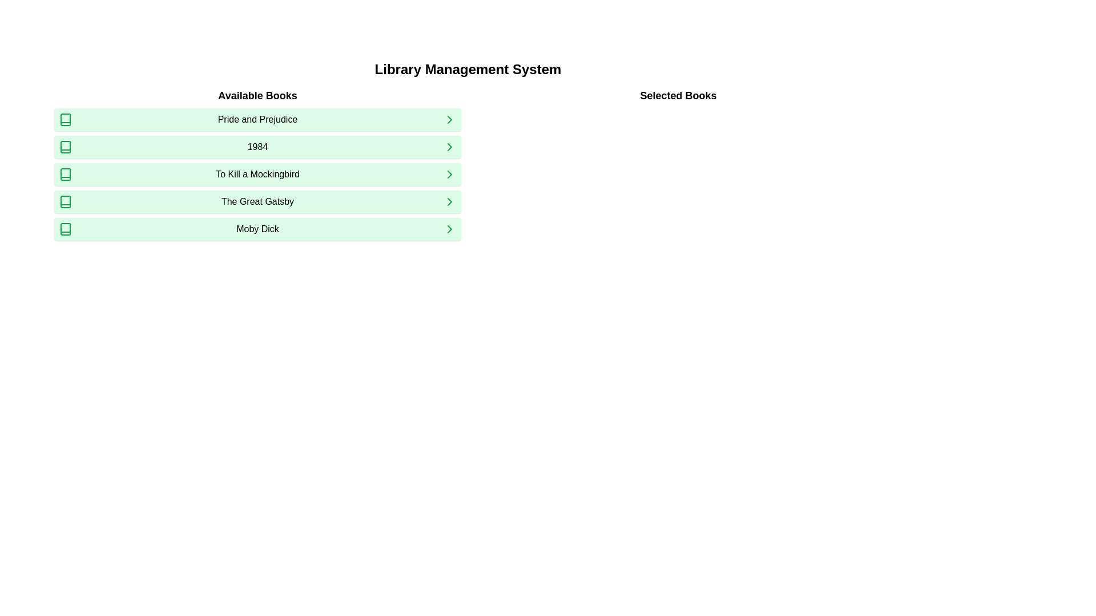  Describe the element at coordinates (257, 119) in the screenshot. I see `the first selectable list item labeled 'Pride and Prejudice' under the 'Available Books' header` at that location.